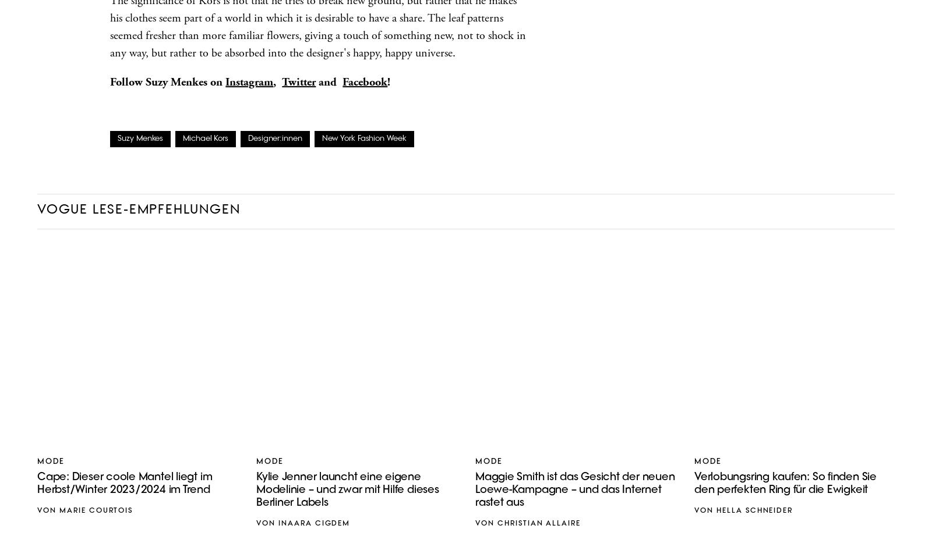 Image resolution: width=932 pixels, height=550 pixels. Describe the element at coordinates (785, 484) in the screenshot. I see `'Verlobungsring kaufen: So finden Sie den perfekten Ring für die Ewigkeit'` at that location.